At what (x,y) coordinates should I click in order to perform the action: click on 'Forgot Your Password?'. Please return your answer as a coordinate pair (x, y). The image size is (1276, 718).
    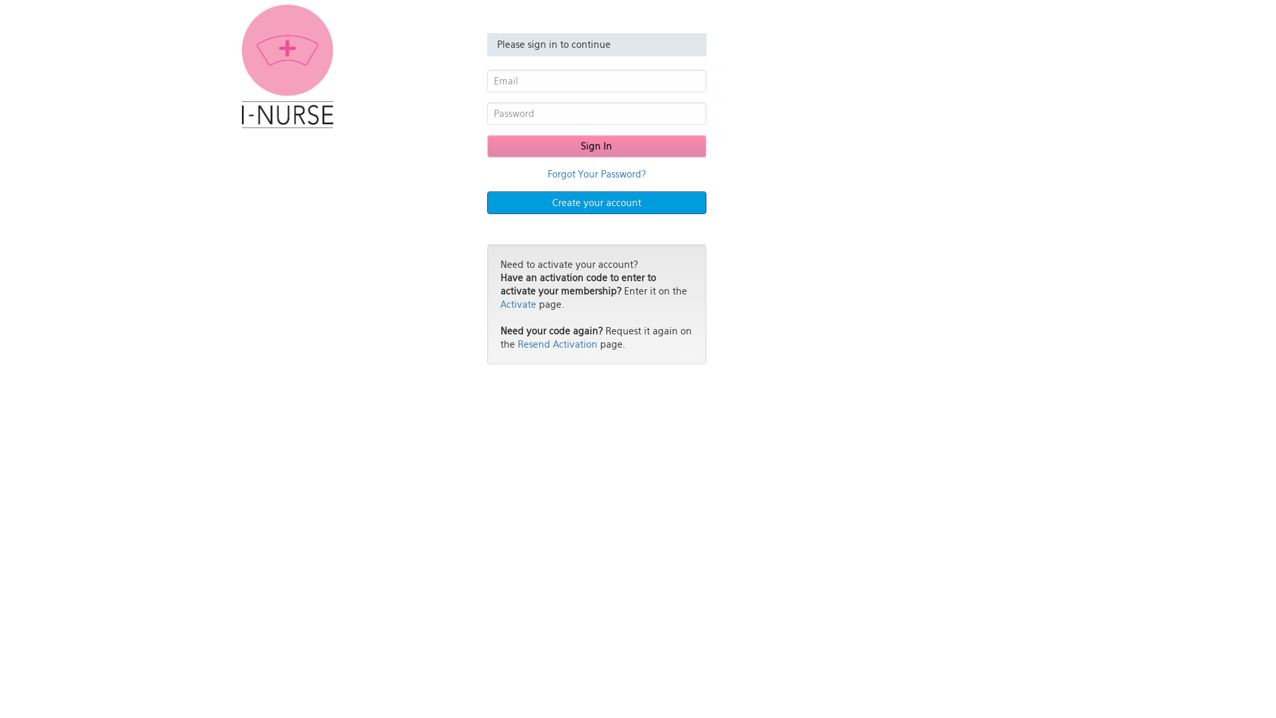
    Looking at the image, I should click on (595, 174).